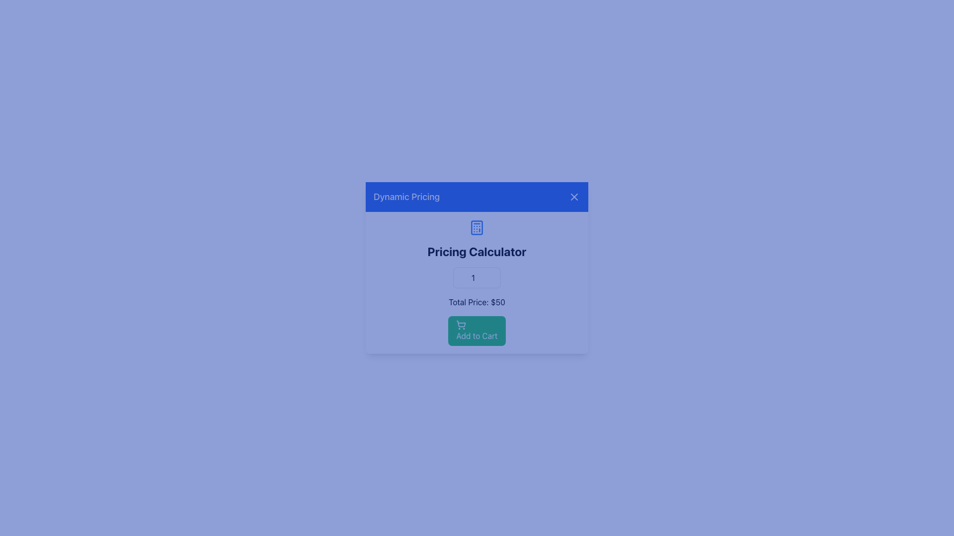  I want to click on the 'x'-shaped close icon located at the top-right corner of the pricing modal's blue header, so click(574, 197).